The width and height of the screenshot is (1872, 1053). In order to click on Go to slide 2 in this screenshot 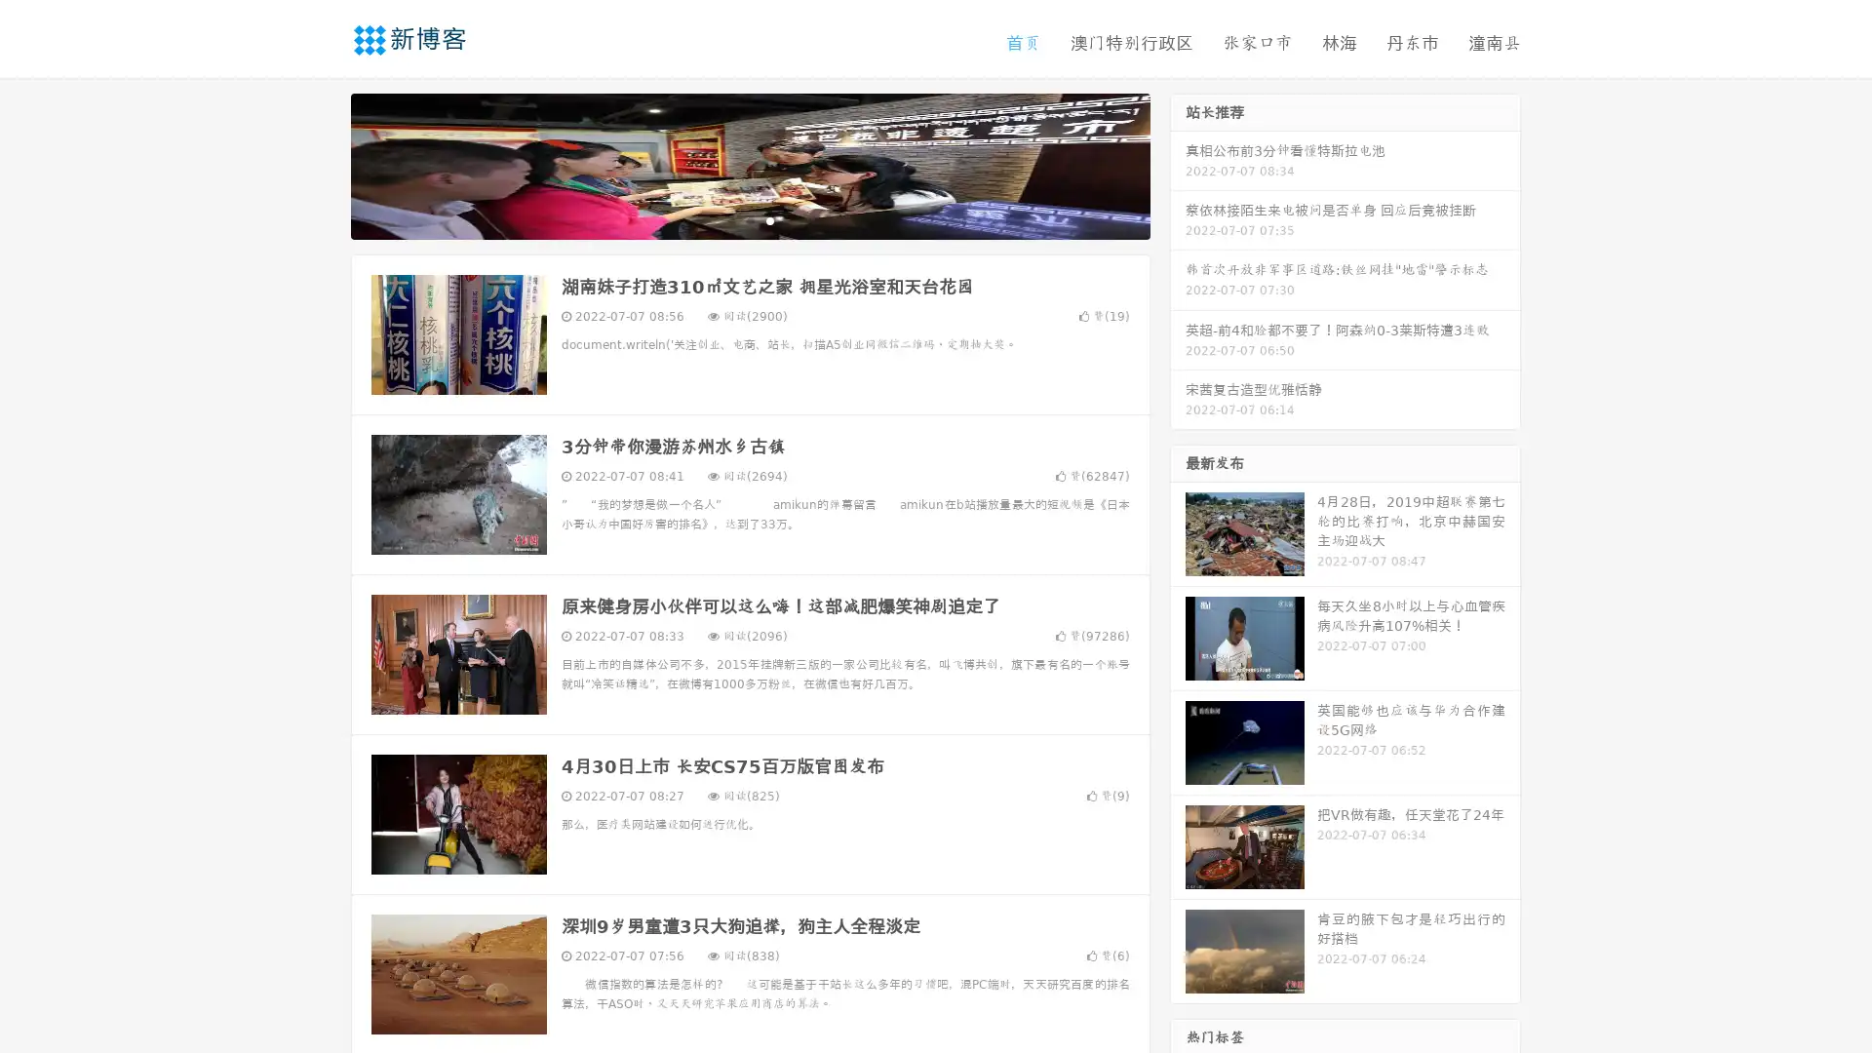, I will do `click(749, 219)`.